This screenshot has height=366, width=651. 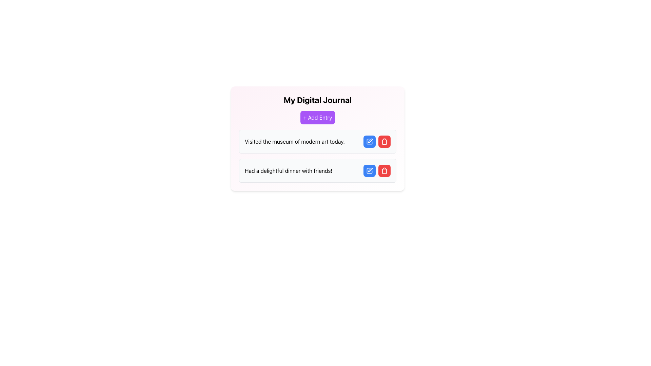 What do you see at coordinates (369, 170) in the screenshot?
I see `the small blue square button with a white pen icon located to the left of the red delete button in the second entry row of the journal, which is titled 'Had a delightful dinner with friends!'` at bounding box center [369, 170].